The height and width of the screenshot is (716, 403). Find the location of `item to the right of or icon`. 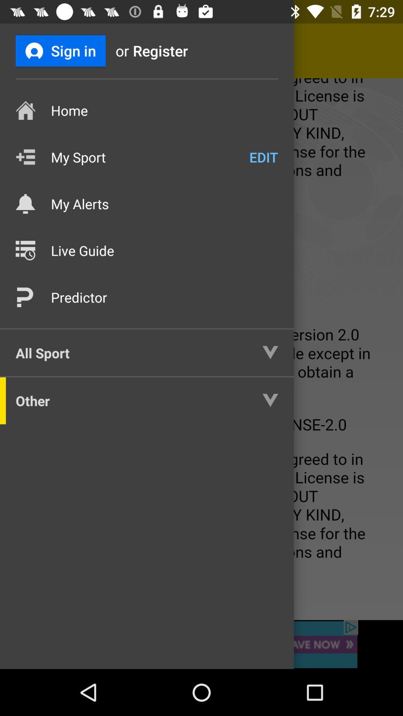

item to the right of or icon is located at coordinates (173, 50).